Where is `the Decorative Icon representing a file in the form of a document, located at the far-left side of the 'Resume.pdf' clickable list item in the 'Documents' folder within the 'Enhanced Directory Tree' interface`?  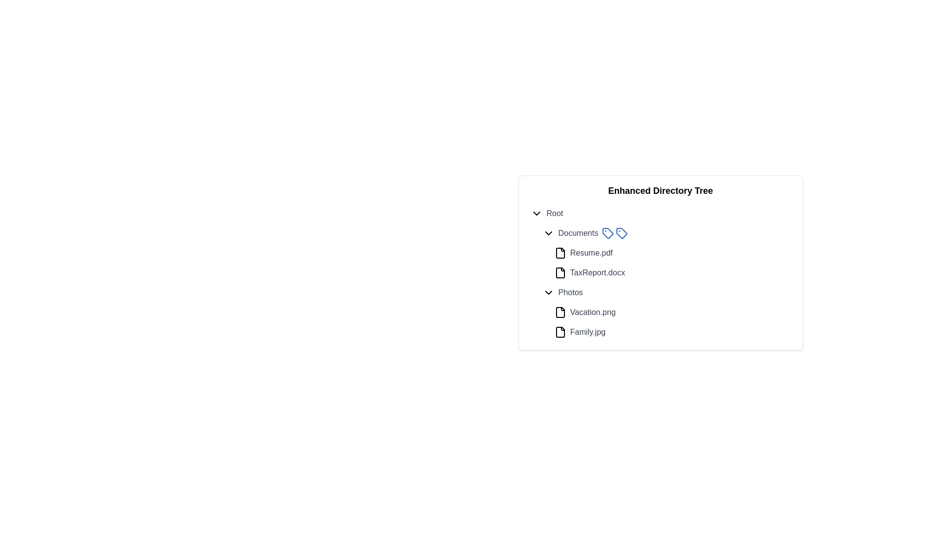
the Decorative Icon representing a file in the form of a document, located at the far-left side of the 'Resume.pdf' clickable list item in the 'Documents' folder within the 'Enhanced Directory Tree' interface is located at coordinates (560, 253).